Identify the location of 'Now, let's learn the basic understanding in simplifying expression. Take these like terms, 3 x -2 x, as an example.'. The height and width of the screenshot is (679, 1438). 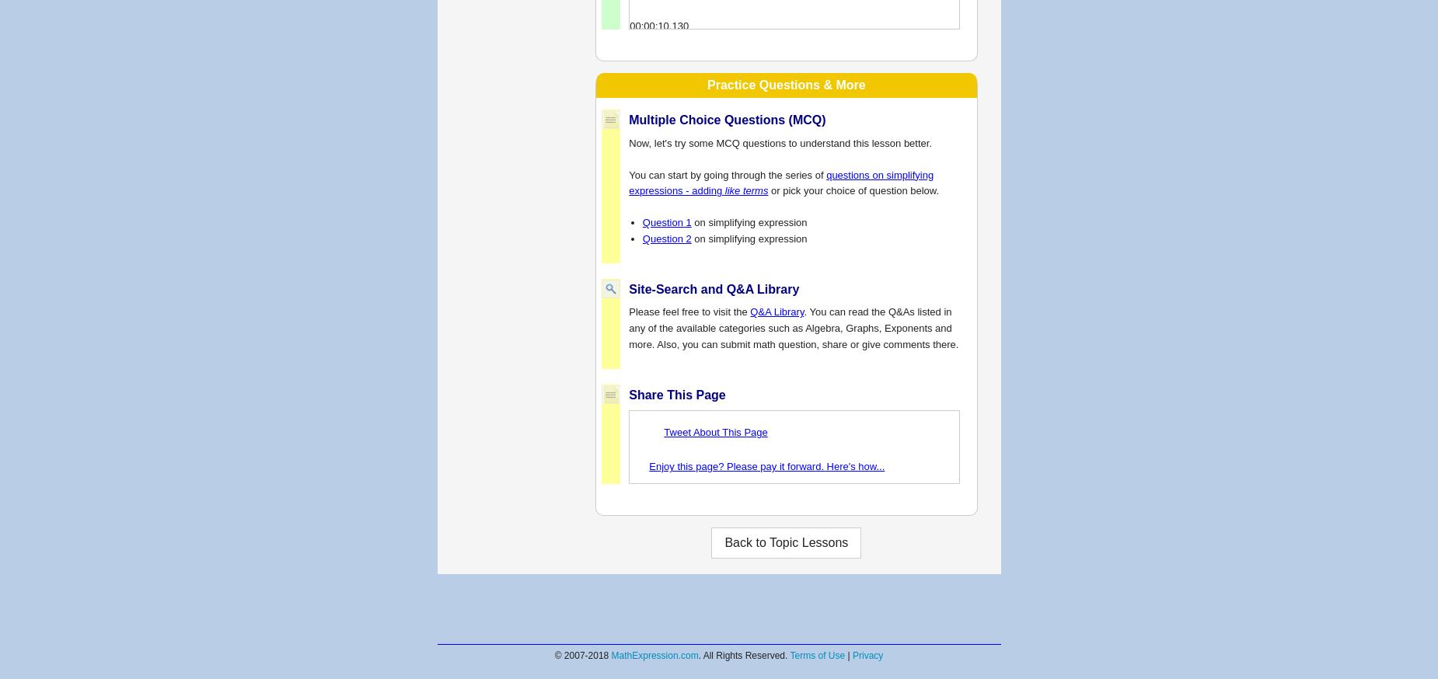
(787, 48).